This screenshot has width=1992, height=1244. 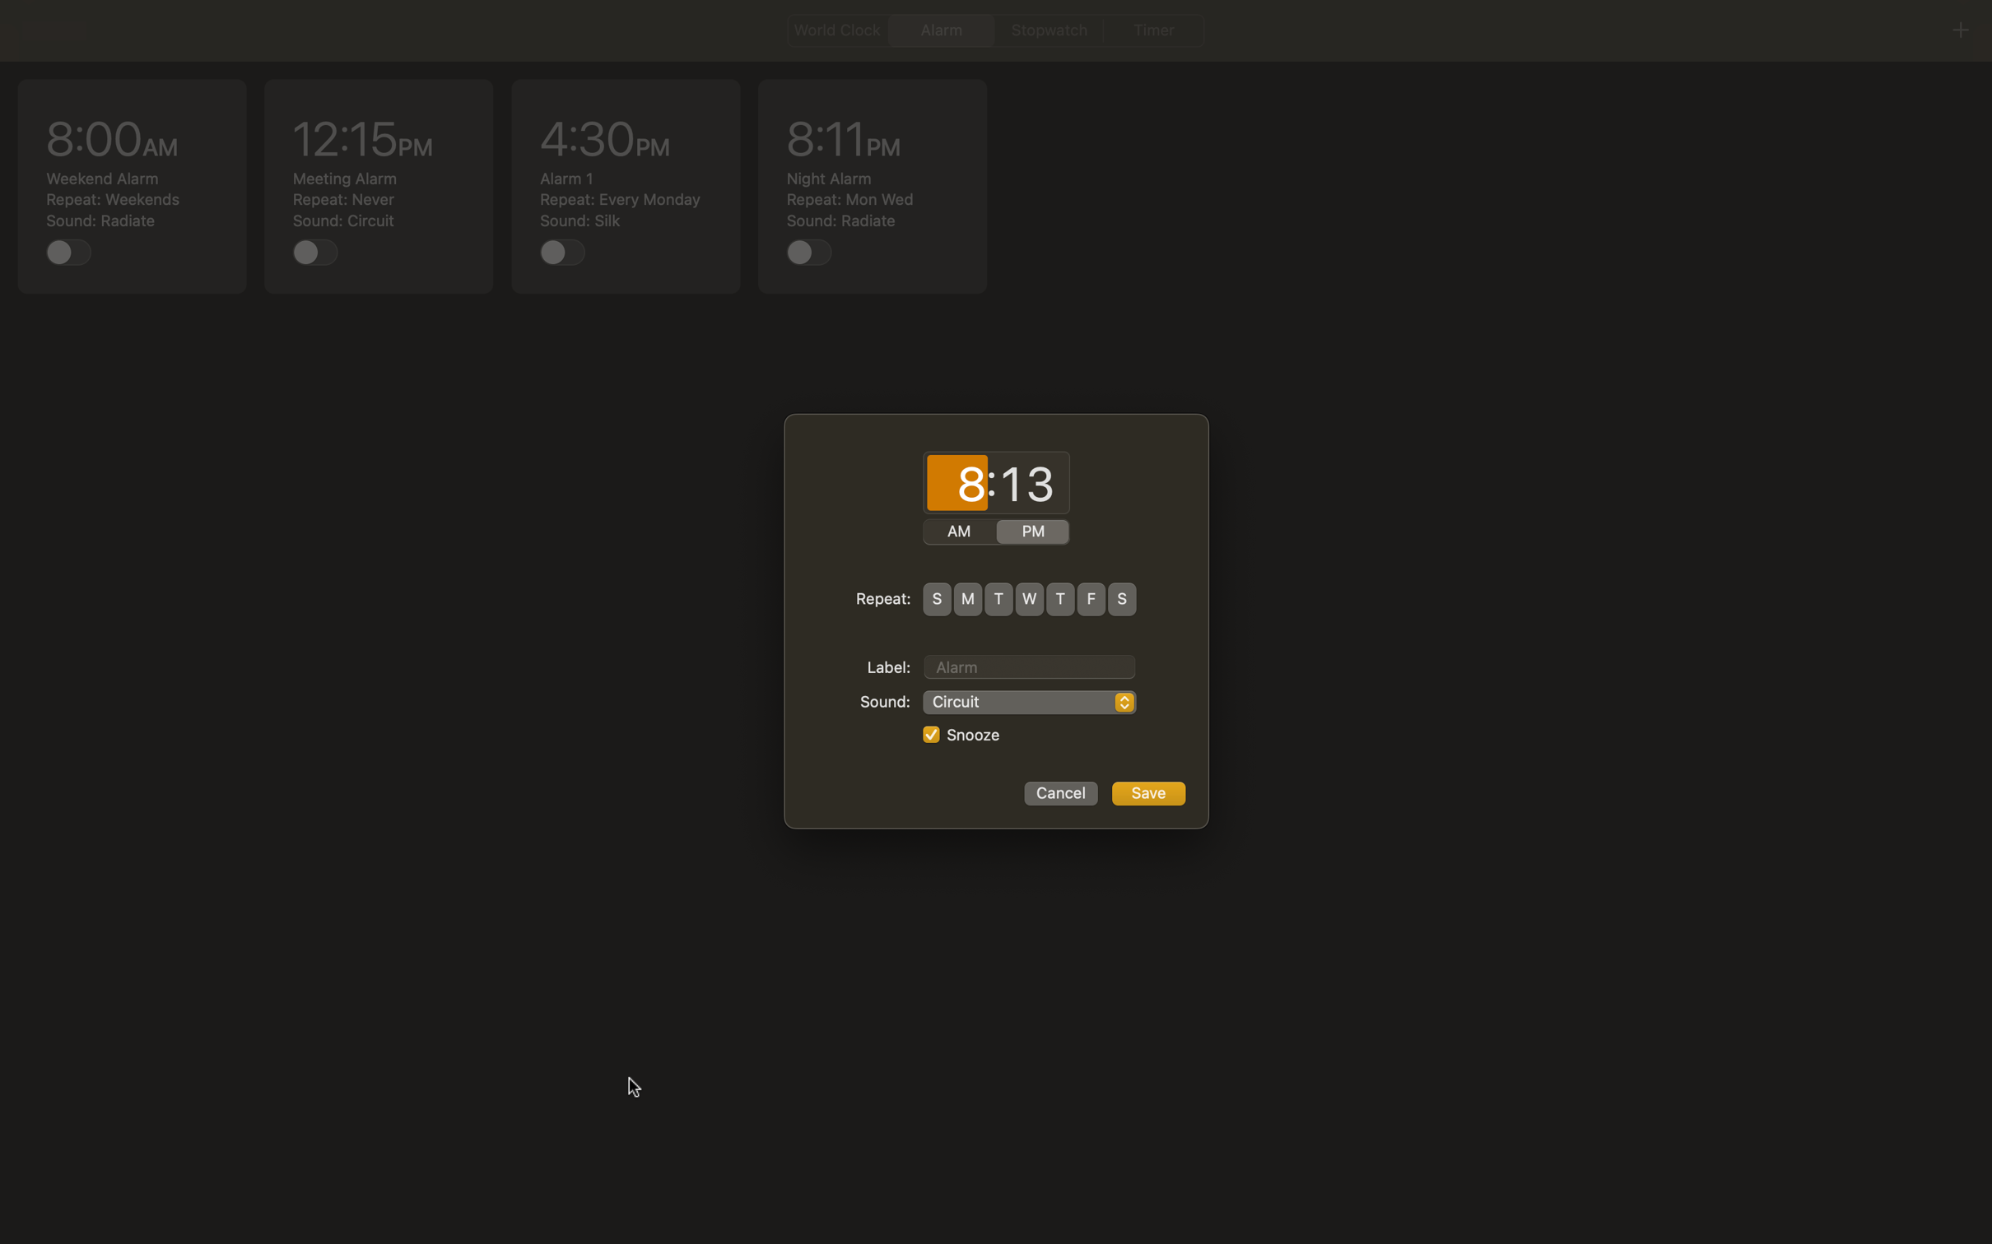 I want to click on Configure the working hours to 8, so click(x=956, y=484).